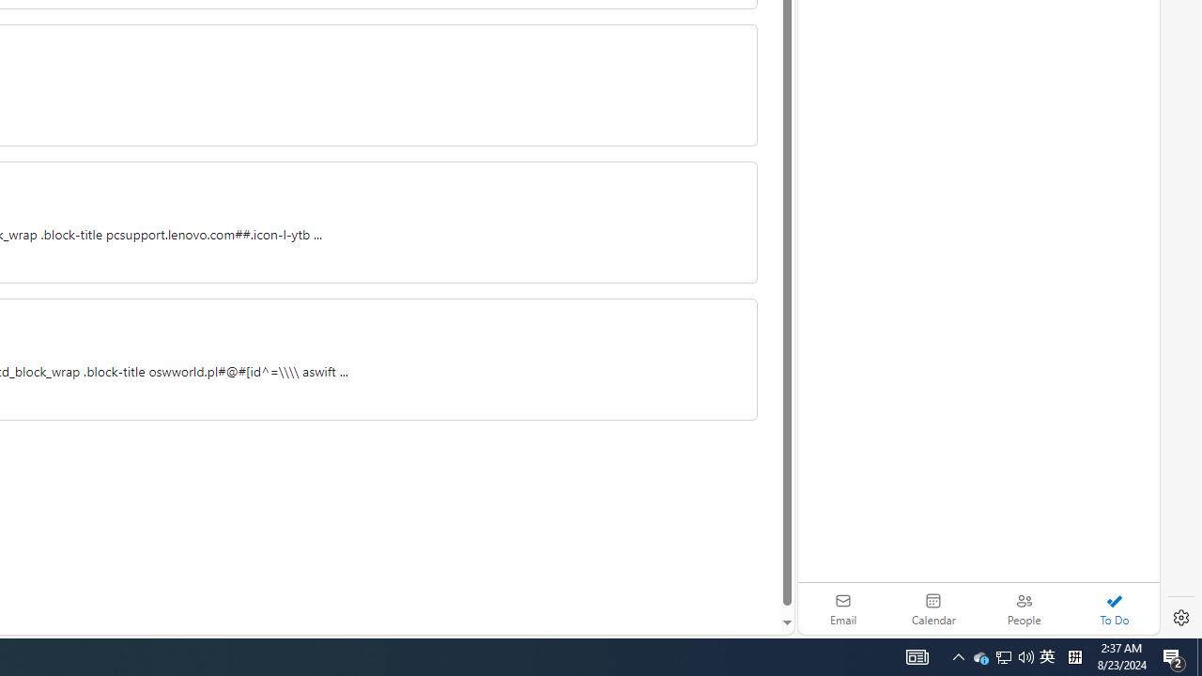 Image resolution: width=1202 pixels, height=676 pixels. Describe the element at coordinates (1023, 608) in the screenshot. I see `'People'` at that location.